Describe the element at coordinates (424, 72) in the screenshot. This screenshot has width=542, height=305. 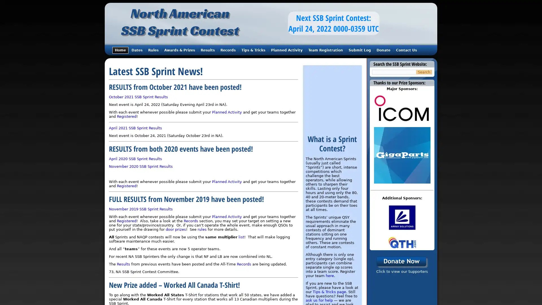
I see `Search` at that location.